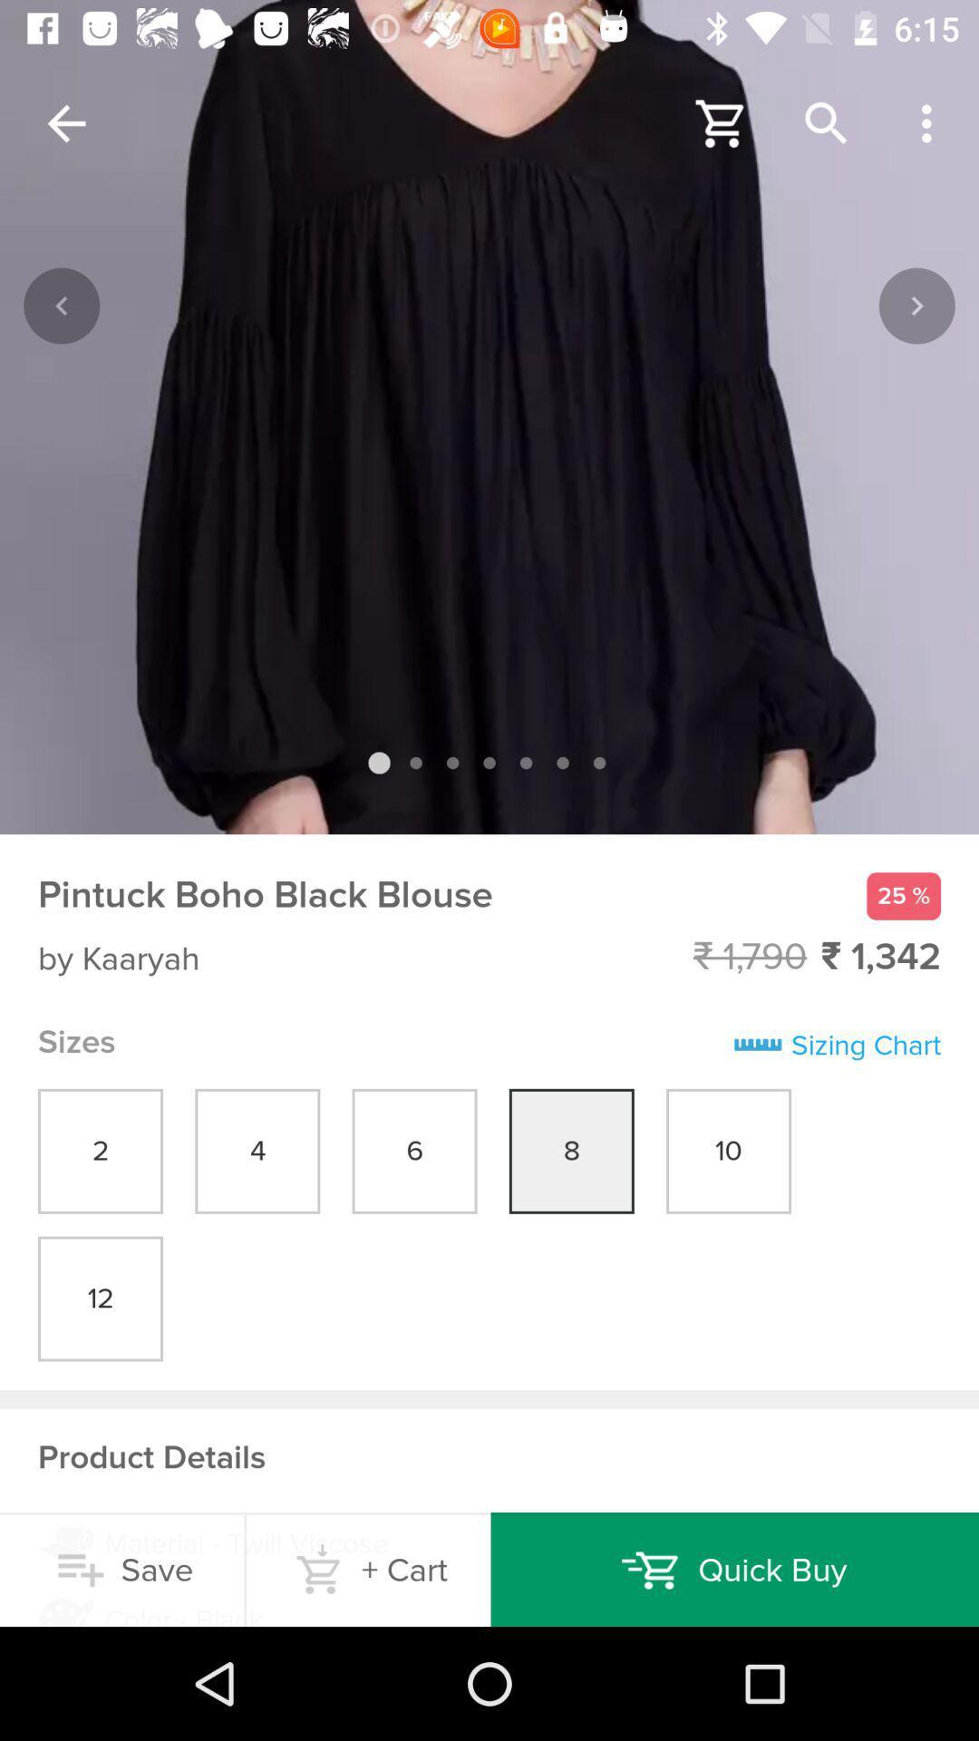 The width and height of the screenshot is (979, 1741). Describe the element at coordinates (758, 1046) in the screenshot. I see `symbol beside sizing chart` at that location.